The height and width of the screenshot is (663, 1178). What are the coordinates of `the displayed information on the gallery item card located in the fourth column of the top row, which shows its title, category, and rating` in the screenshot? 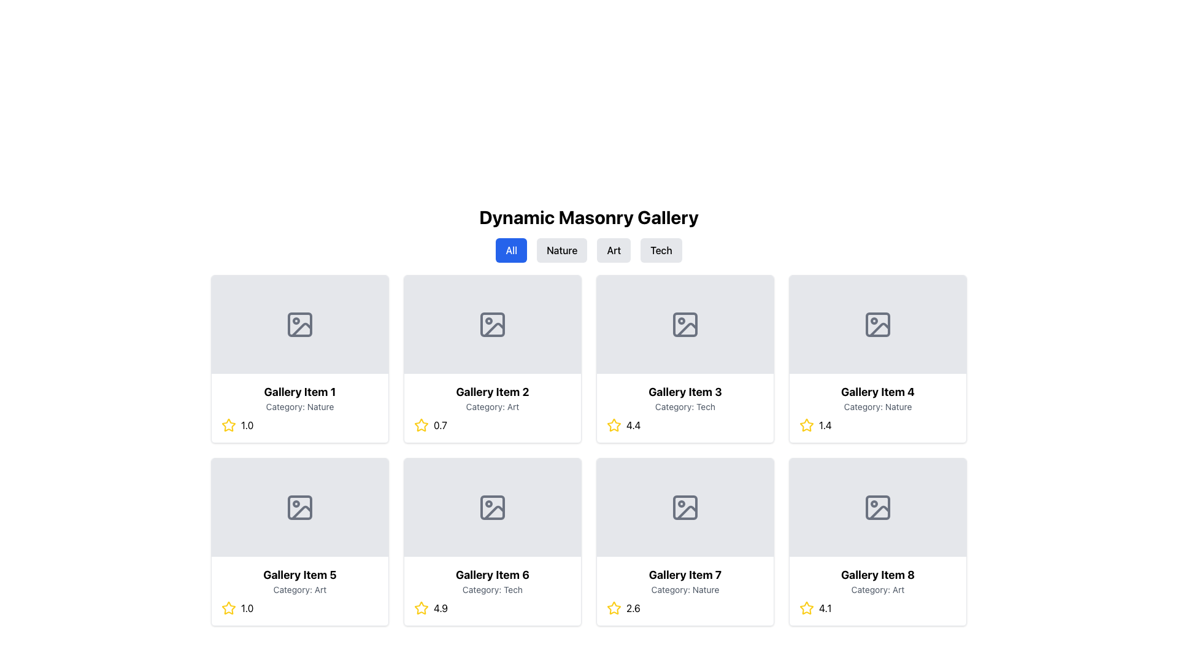 It's located at (877, 408).